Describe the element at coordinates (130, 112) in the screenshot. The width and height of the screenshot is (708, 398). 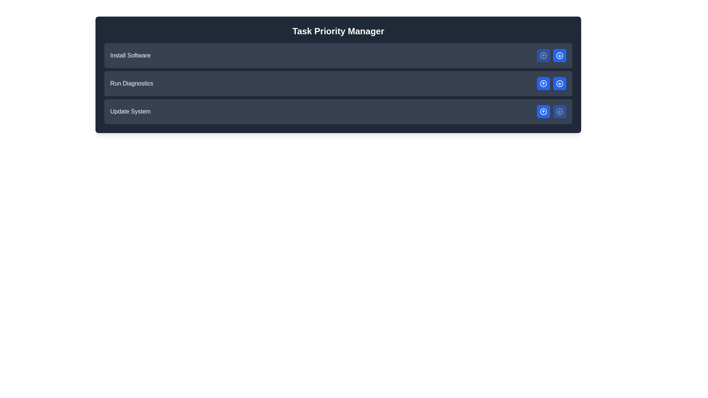
I see `the 'Update System' label, which is displayed in white on a dark background within the 'Task Priority Manager' section, located in the third row of a vertical list` at that location.